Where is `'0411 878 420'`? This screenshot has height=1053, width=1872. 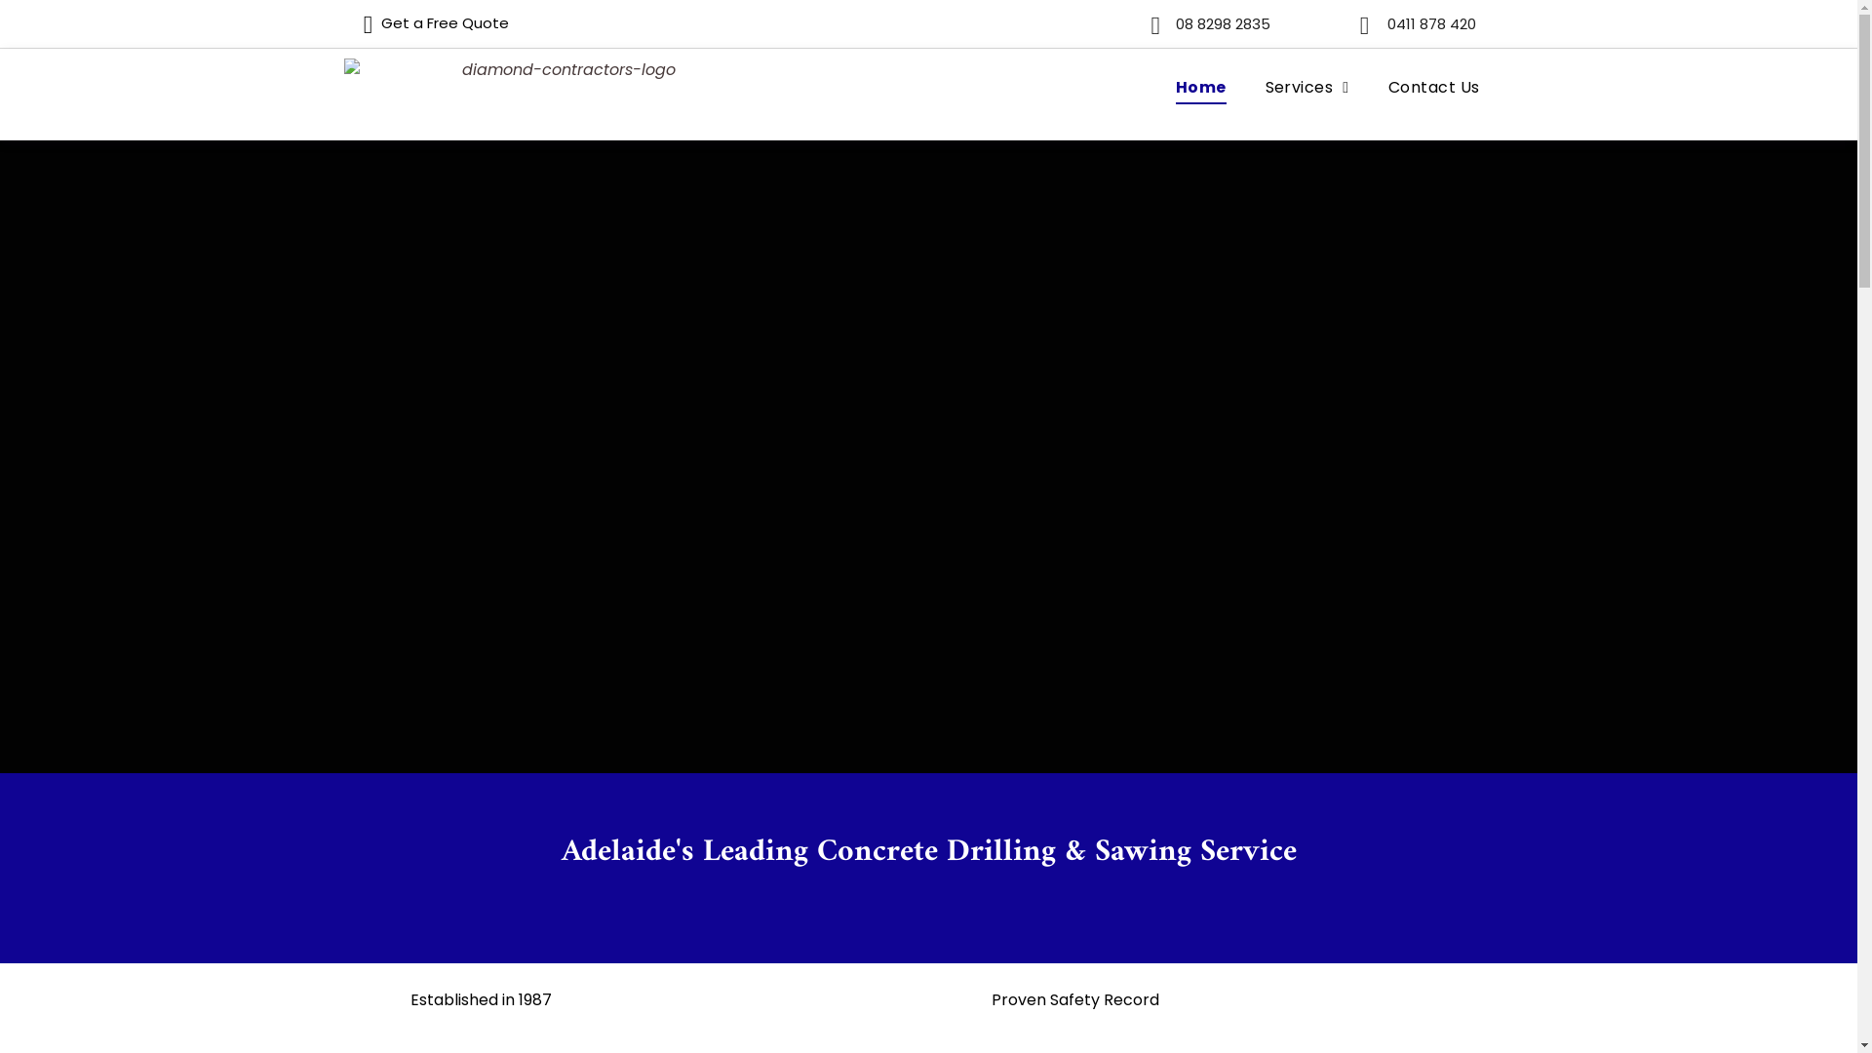
'0411 878 420' is located at coordinates (1426, 23).